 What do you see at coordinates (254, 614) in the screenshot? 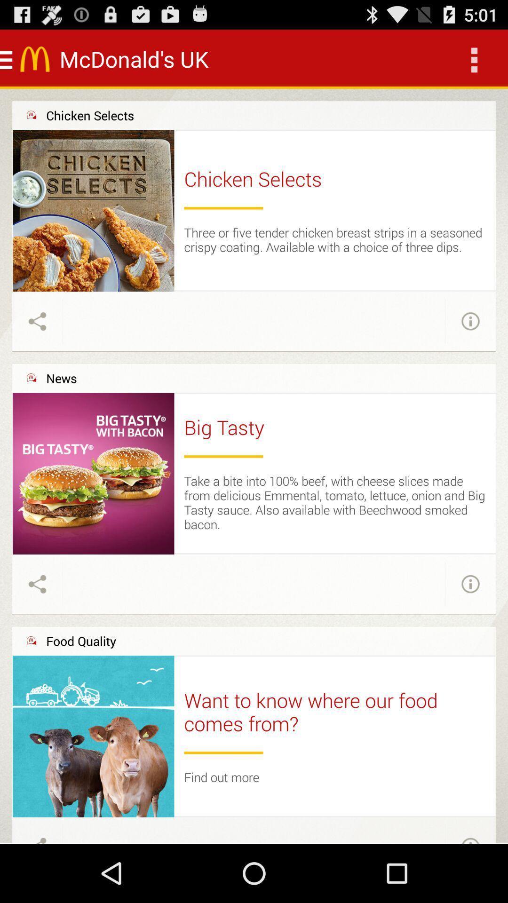
I see `the icon above the food quality icon` at bounding box center [254, 614].